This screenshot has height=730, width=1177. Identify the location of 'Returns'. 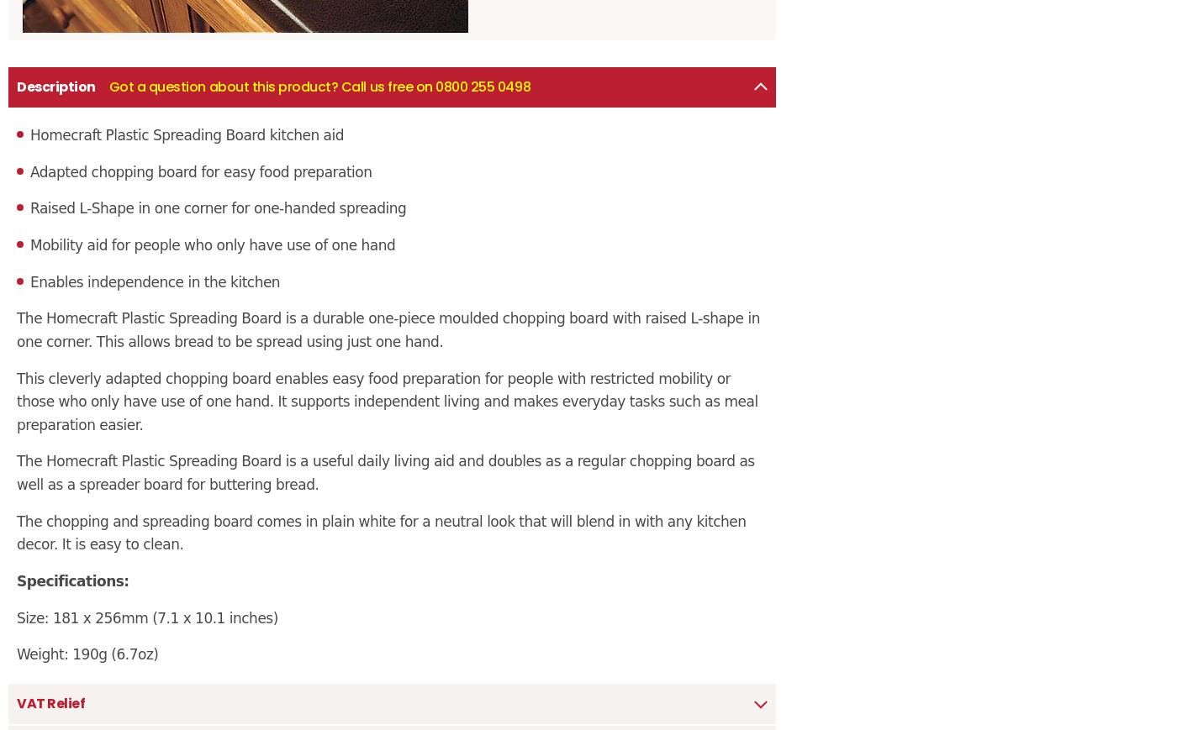
(29, 269).